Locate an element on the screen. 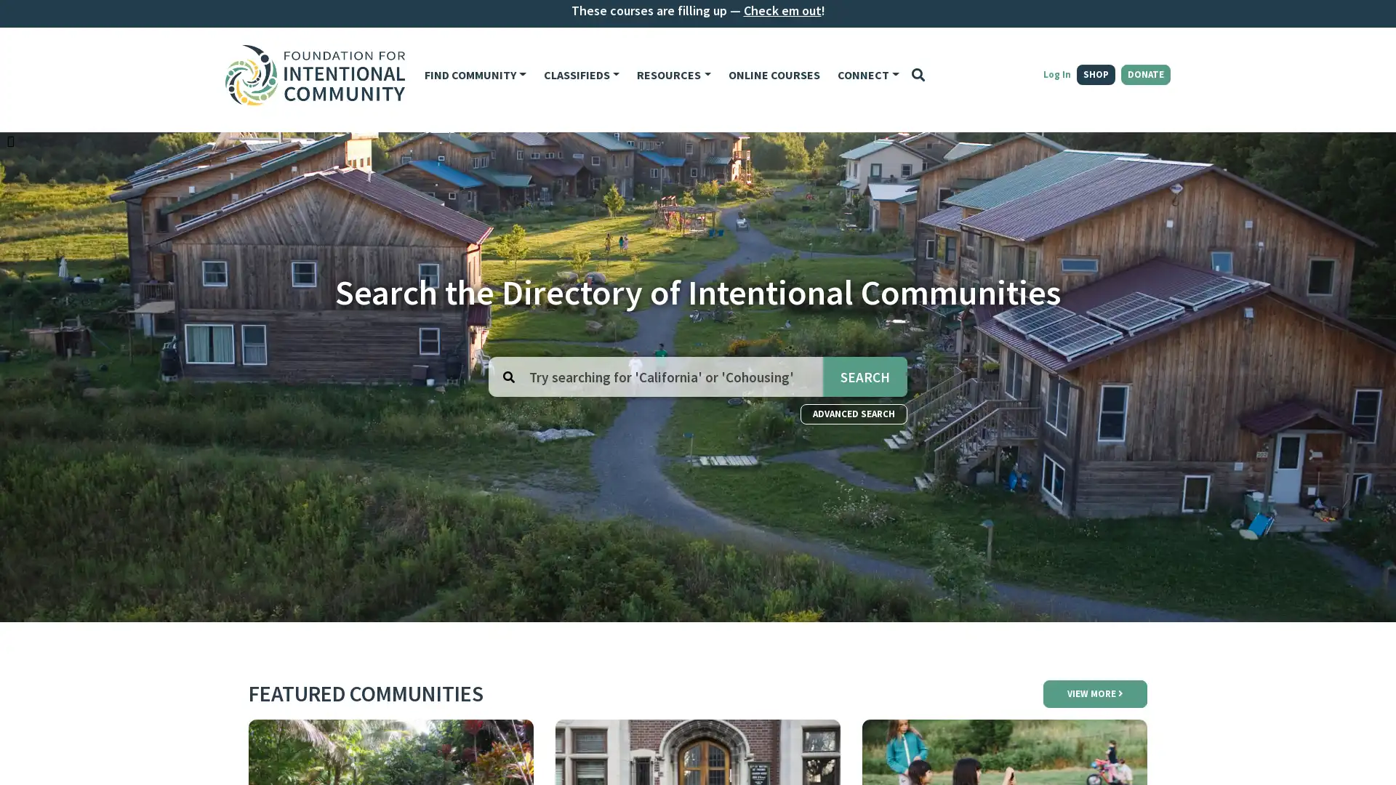 The width and height of the screenshot is (1396, 785). SEARCH is located at coordinates (865, 376).